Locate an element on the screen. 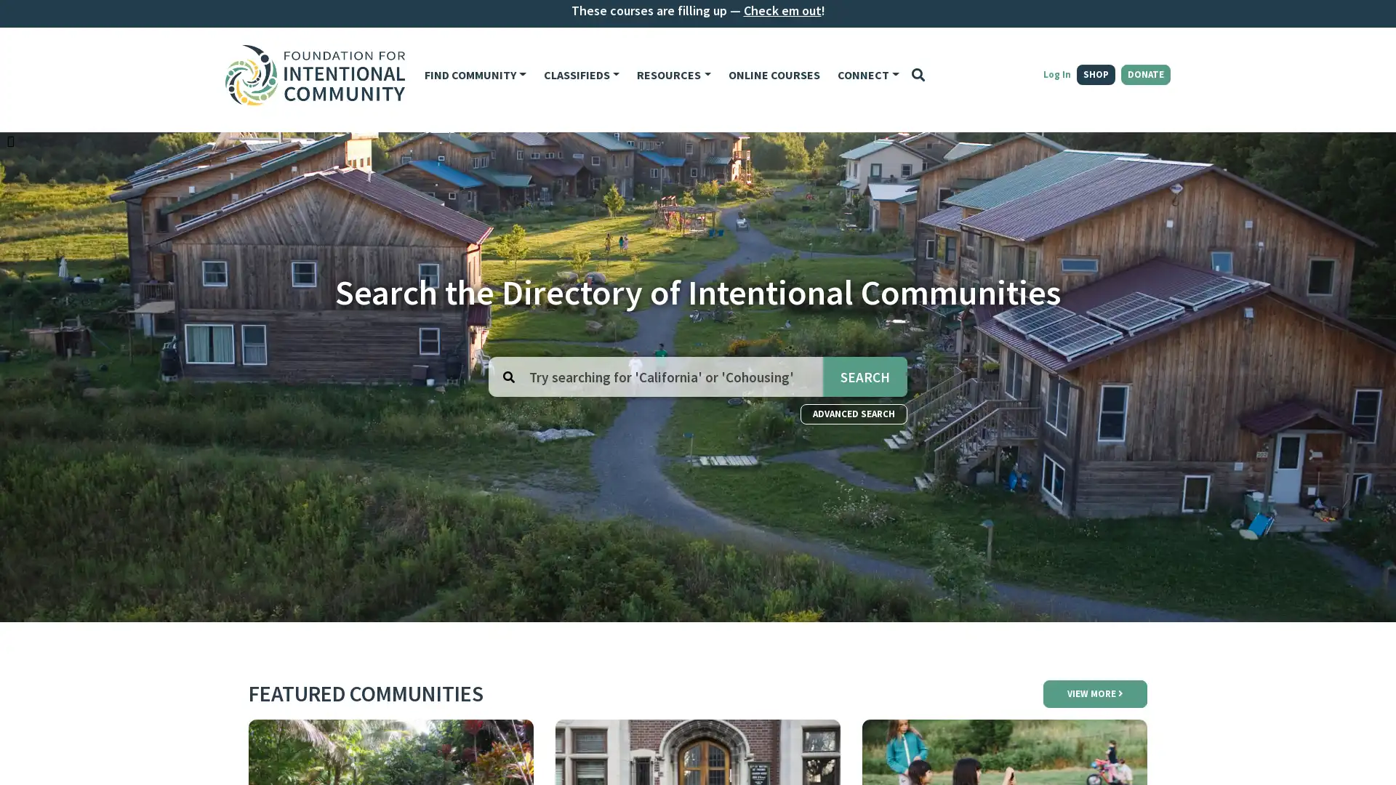 The width and height of the screenshot is (1396, 785). SEARCH is located at coordinates (865, 376).